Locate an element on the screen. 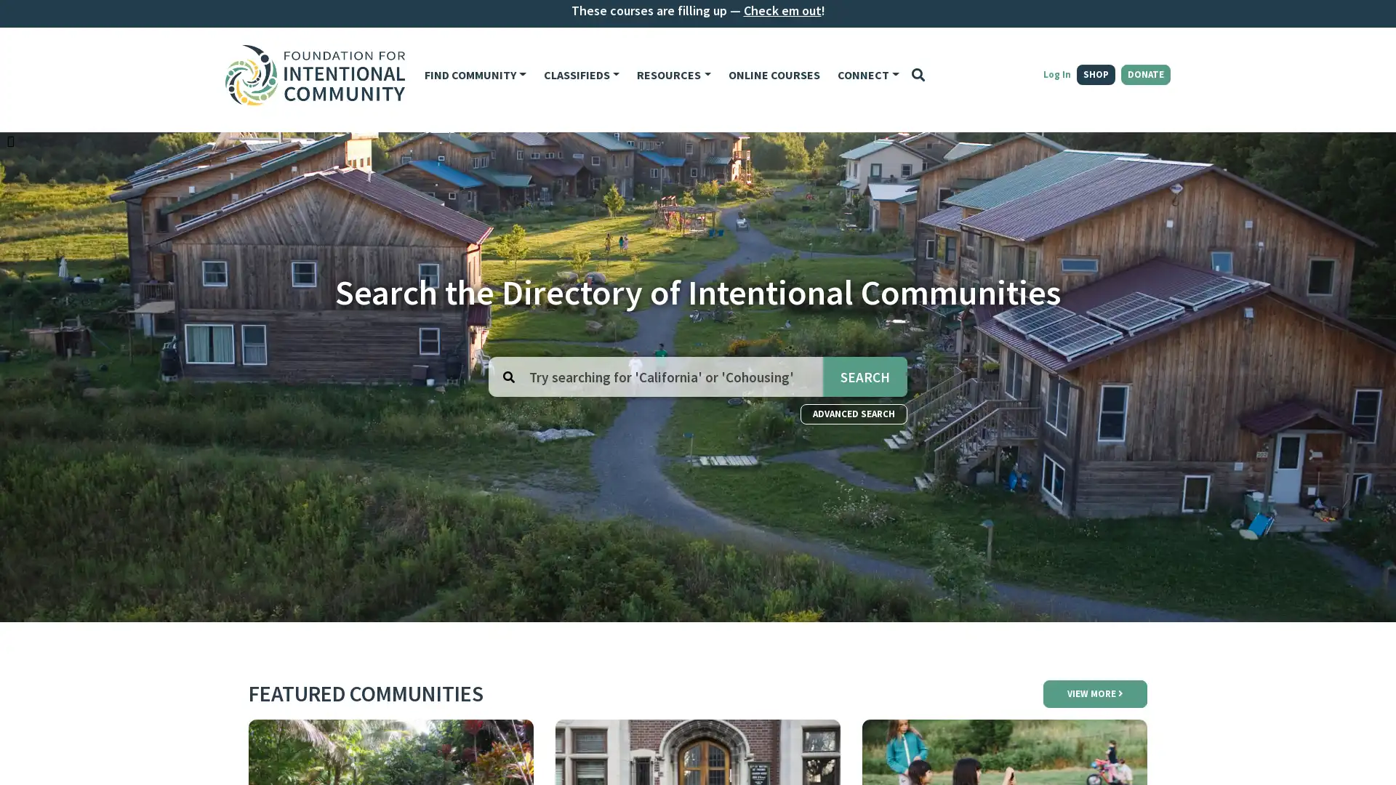 The width and height of the screenshot is (1396, 785). SEARCH is located at coordinates (865, 376).